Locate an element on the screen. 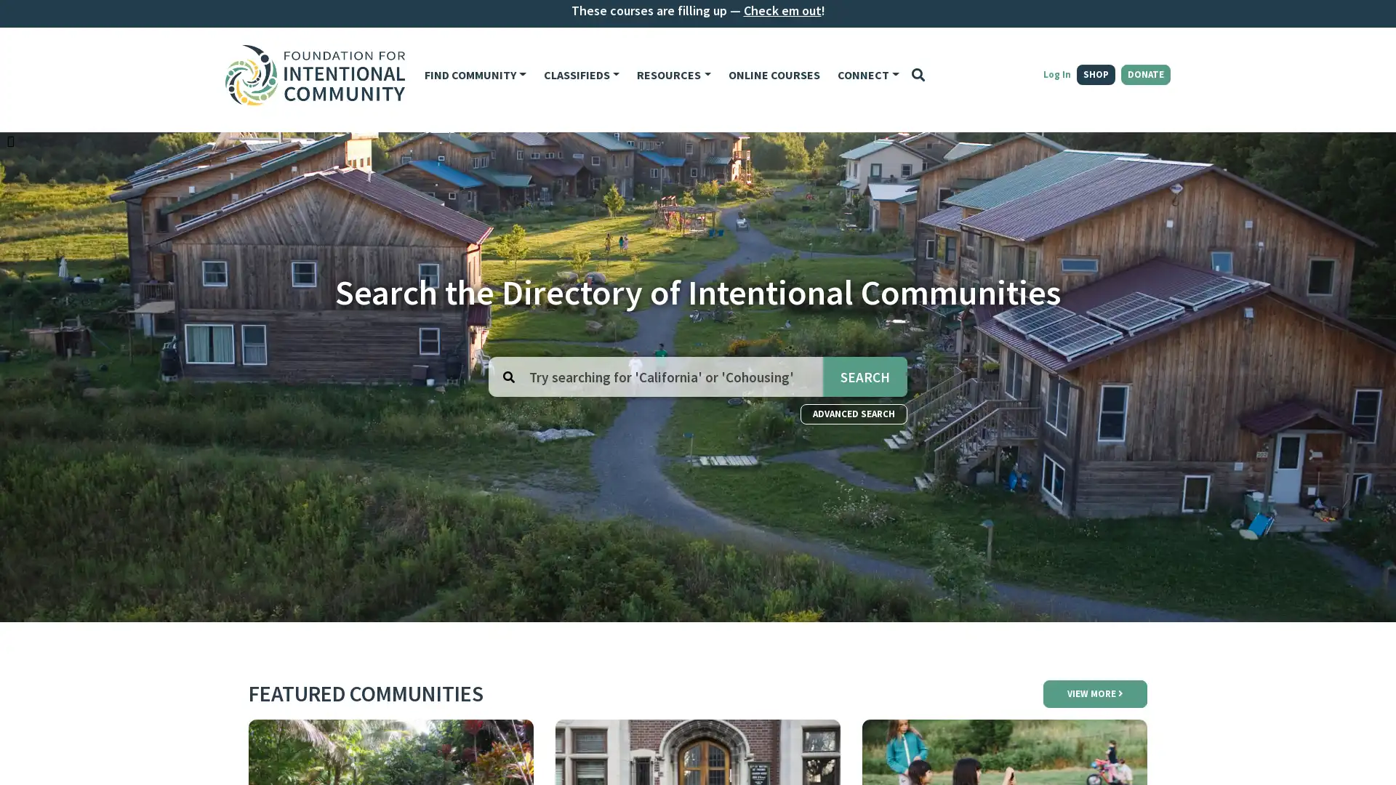 The width and height of the screenshot is (1396, 785). SEARCH is located at coordinates (865, 376).